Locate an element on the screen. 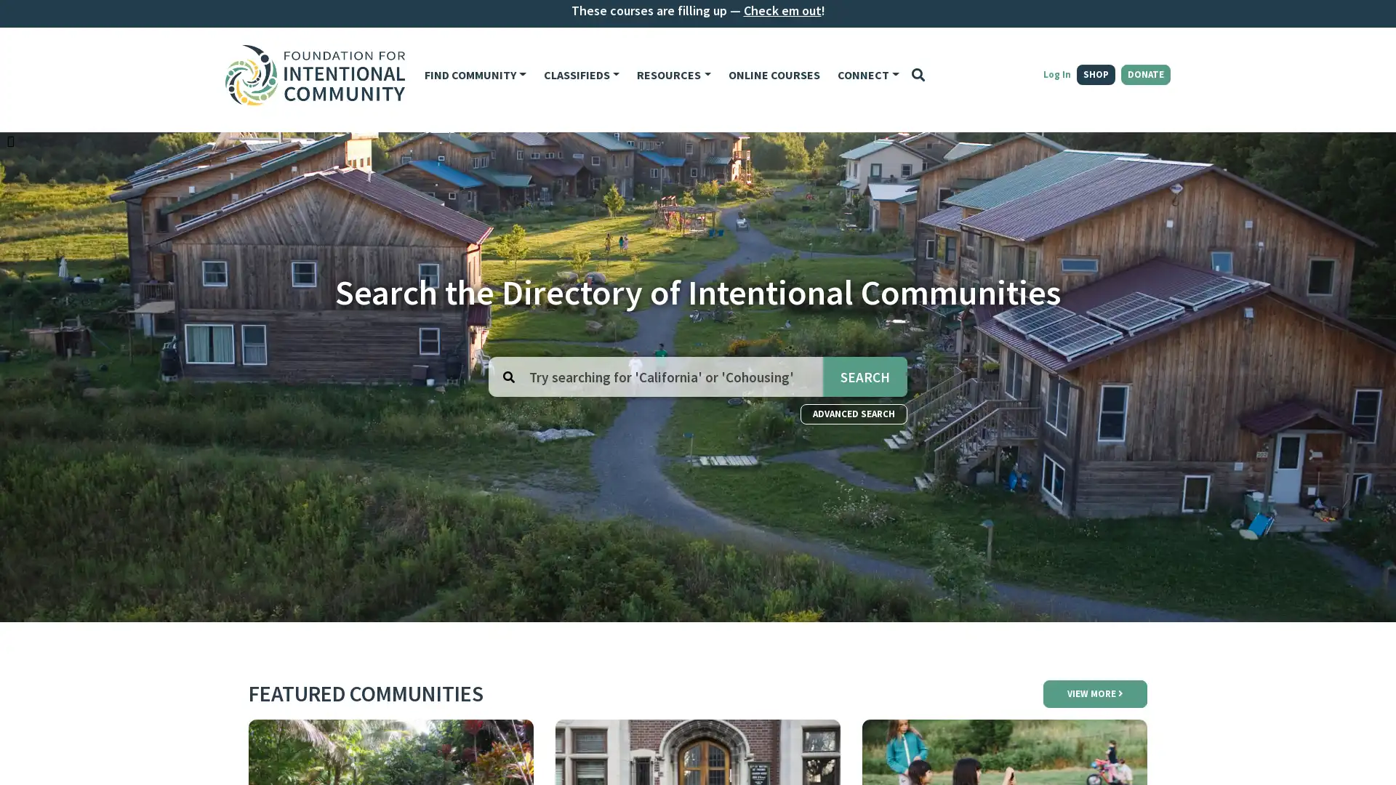 The width and height of the screenshot is (1396, 785). SEARCH is located at coordinates (865, 376).